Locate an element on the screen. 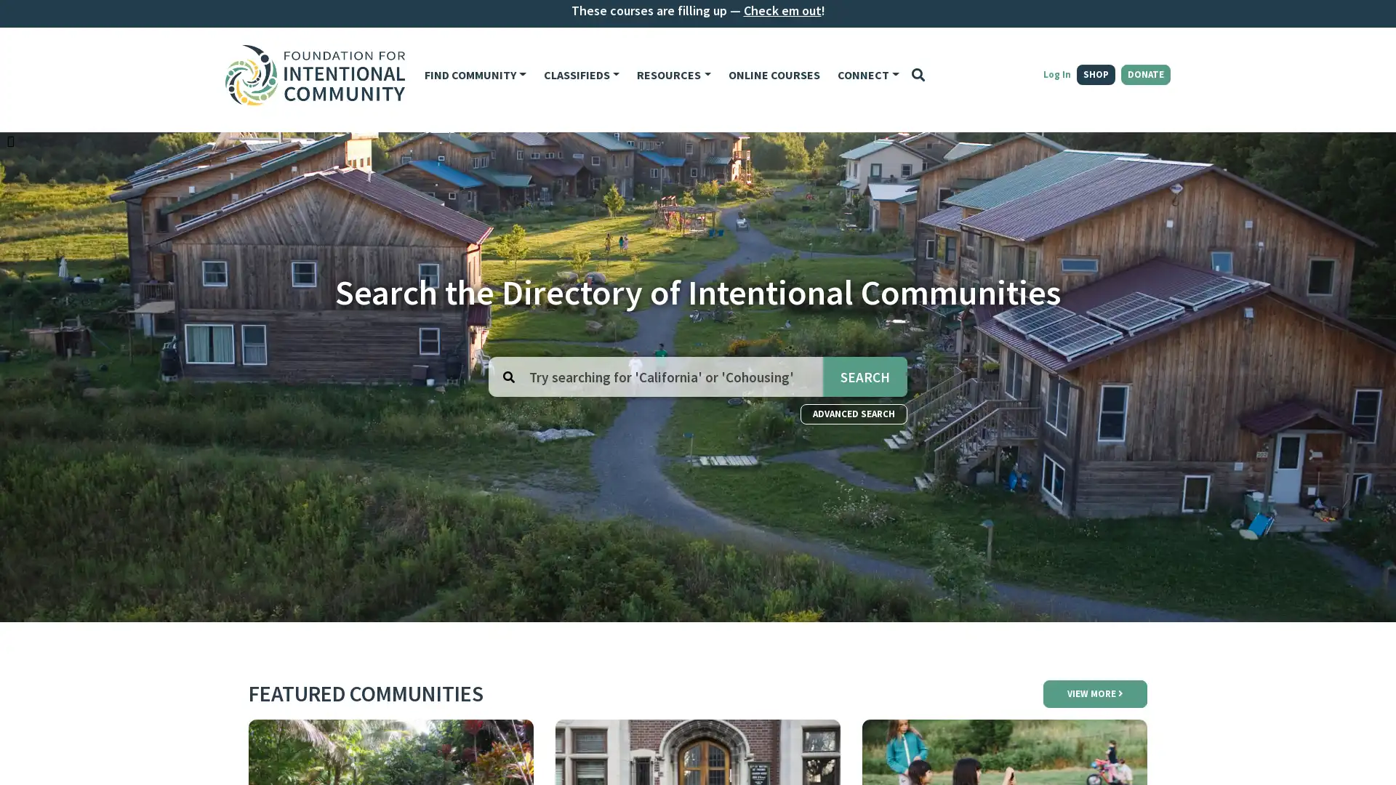 The width and height of the screenshot is (1396, 785). SEARCH is located at coordinates (865, 376).